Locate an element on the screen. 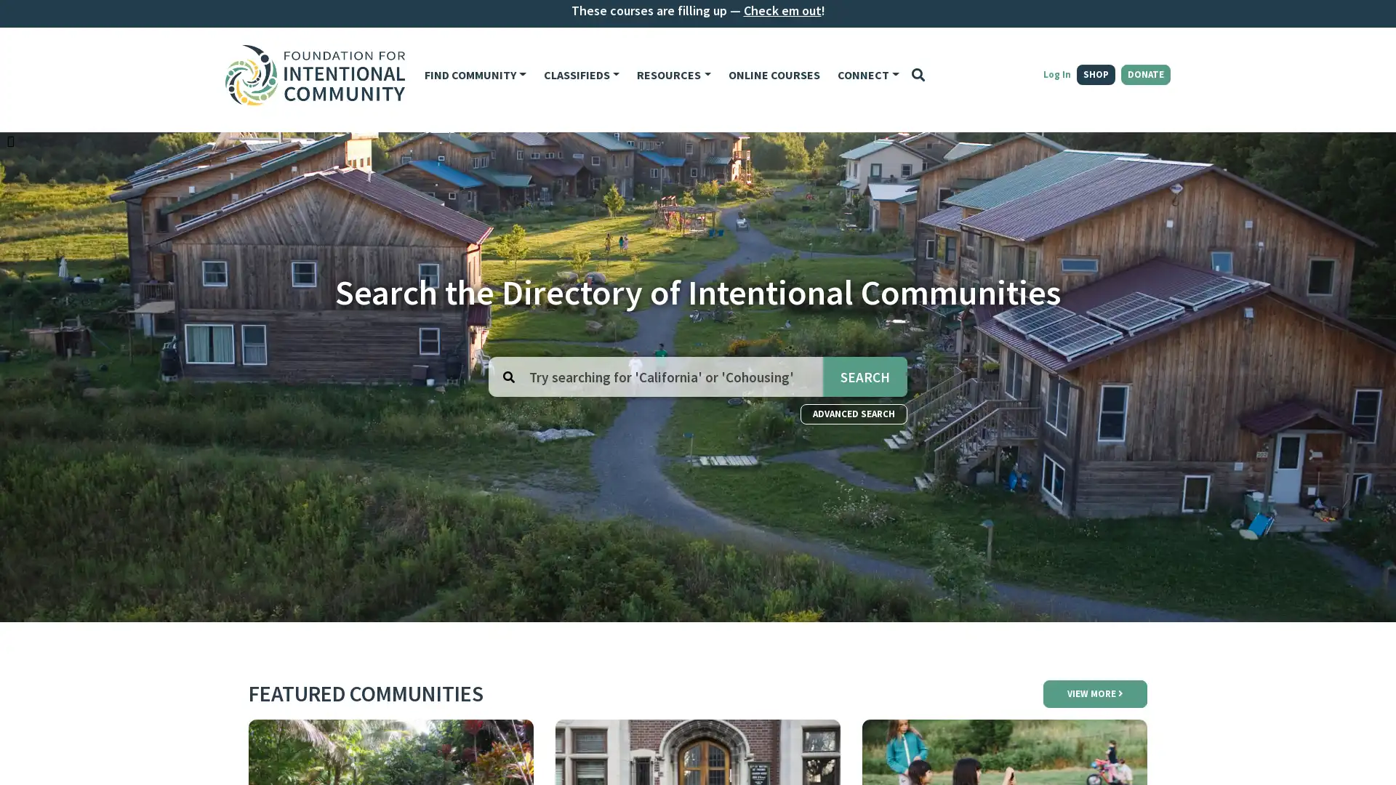 The width and height of the screenshot is (1396, 785). SEARCH is located at coordinates (865, 376).